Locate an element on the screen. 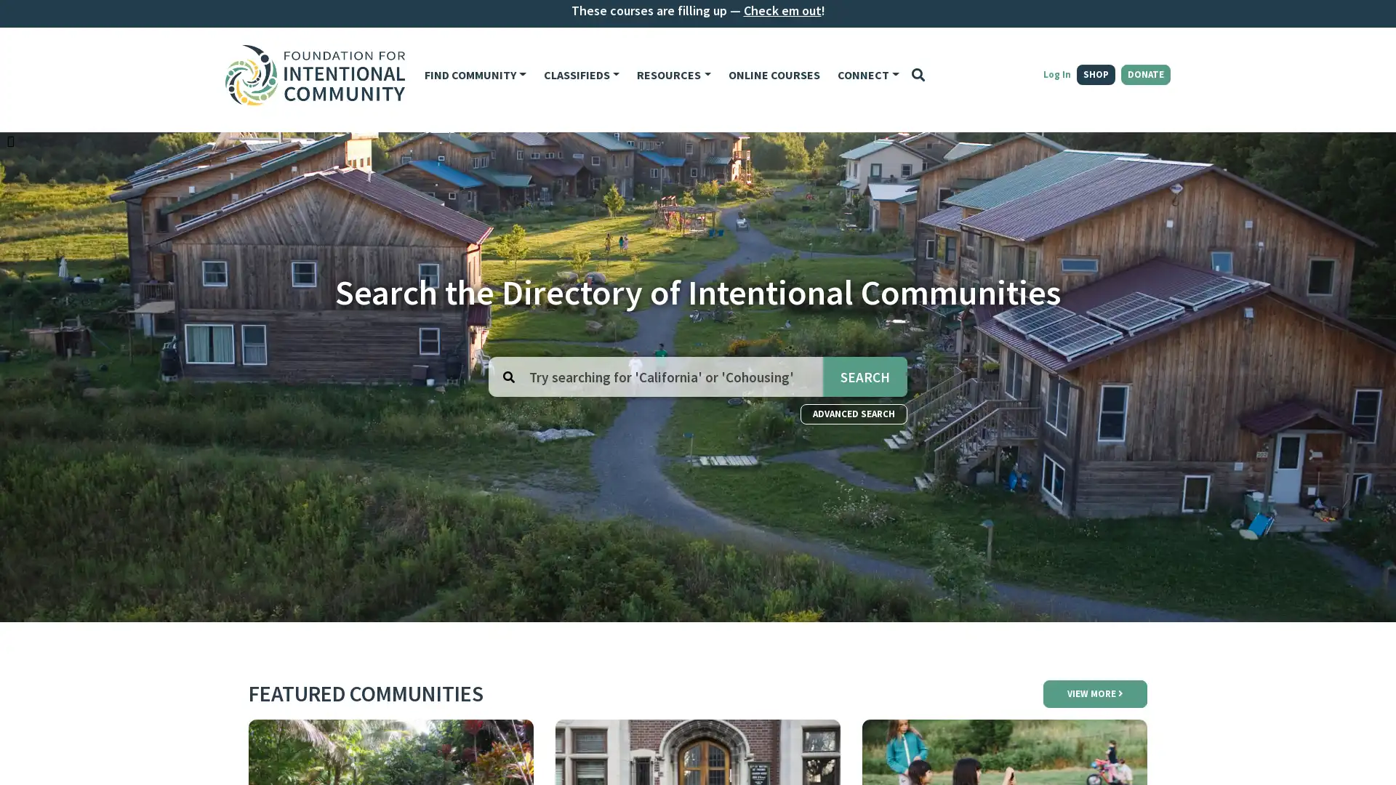 The width and height of the screenshot is (1396, 785). SEARCH is located at coordinates (865, 376).